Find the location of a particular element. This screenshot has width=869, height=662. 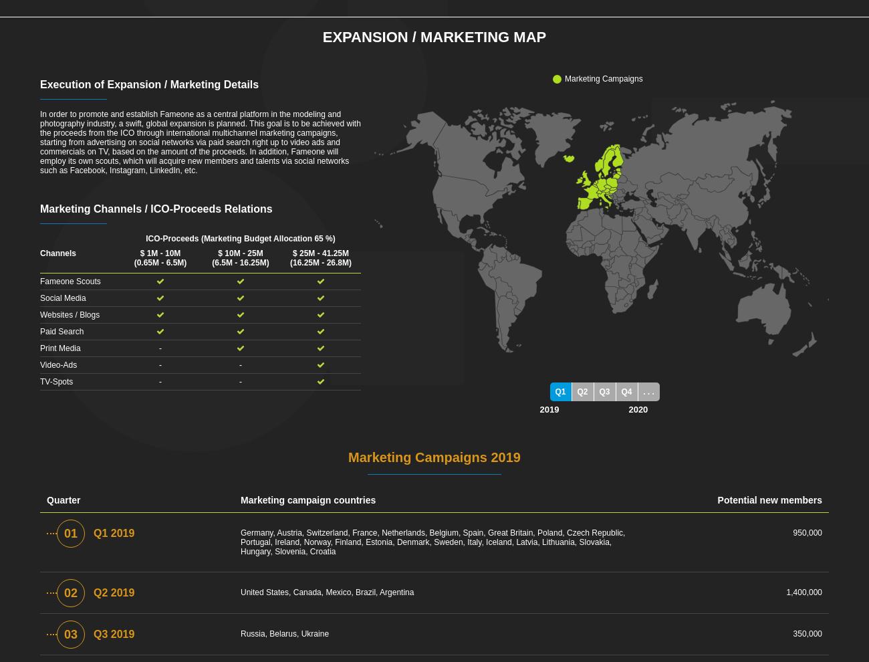

'350,000' is located at coordinates (806, 634).